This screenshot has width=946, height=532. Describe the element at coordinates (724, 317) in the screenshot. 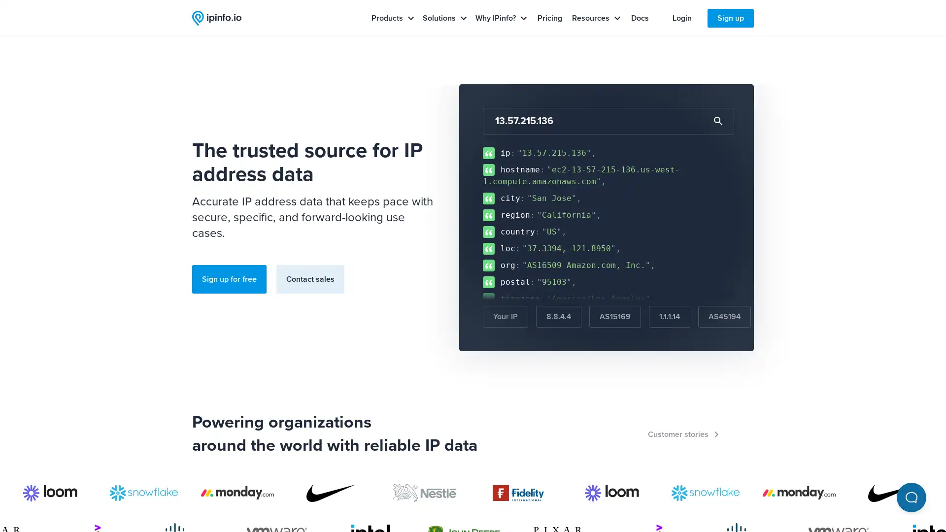

I see `AS45194` at that location.